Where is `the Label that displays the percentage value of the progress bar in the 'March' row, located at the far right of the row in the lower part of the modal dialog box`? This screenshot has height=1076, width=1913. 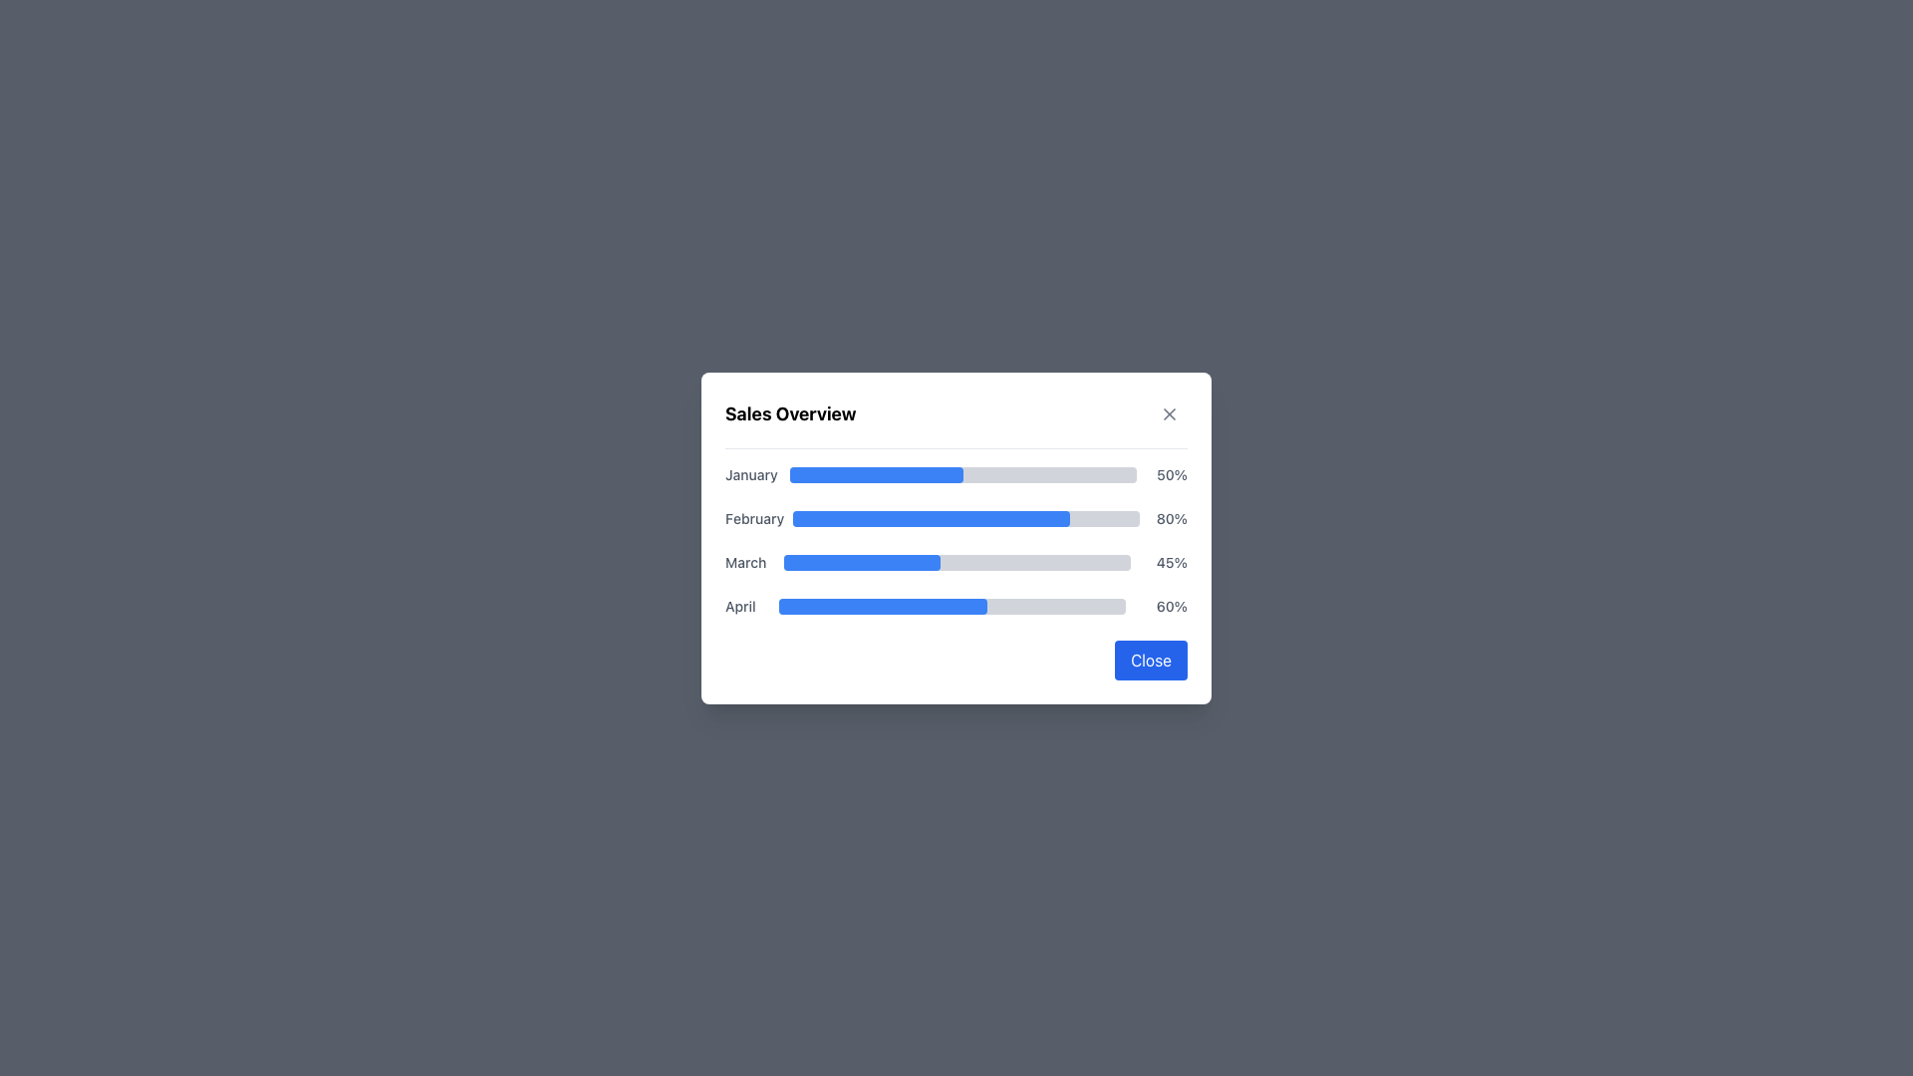 the Label that displays the percentage value of the progress bar in the 'March' row, located at the far right of the row in the lower part of the modal dialog box is located at coordinates (1168, 562).